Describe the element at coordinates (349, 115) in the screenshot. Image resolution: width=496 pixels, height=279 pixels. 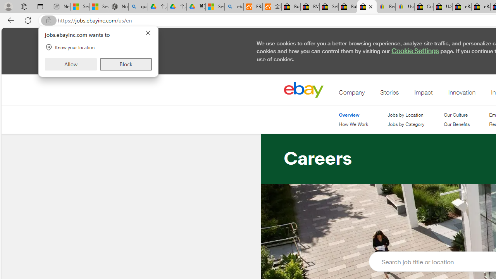
I see `'Overview'` at that location.